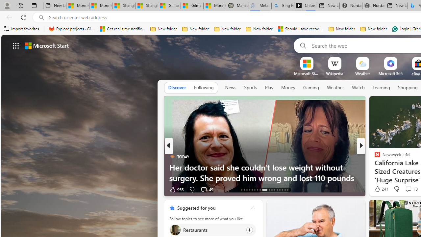  What do you see at coordinates (252, 208) in the screenshot?
I see `'Class: icon-img'` at bounding box center [252, 208].